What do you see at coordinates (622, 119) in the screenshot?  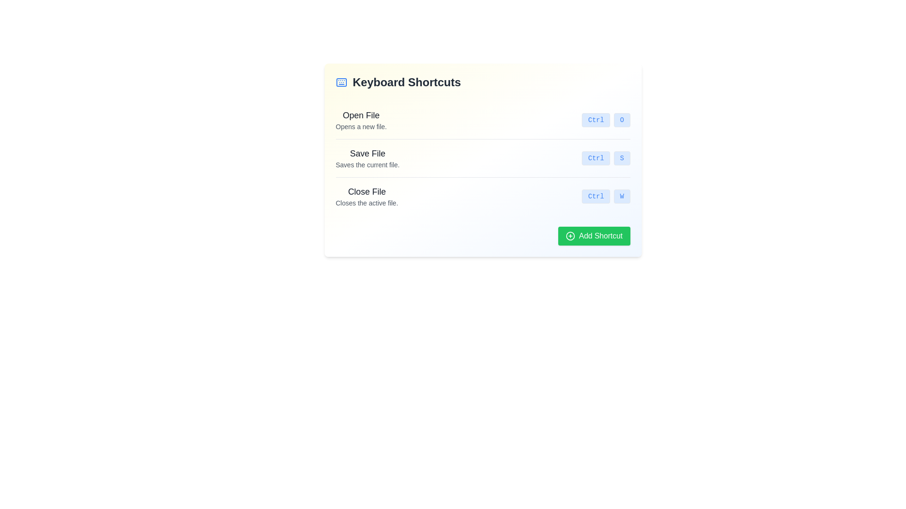 I see `the static display component representing the 'O' key in the 'Open File' shortcut, located to the right of 'Ctrl'` at bounding box center [622, 119].